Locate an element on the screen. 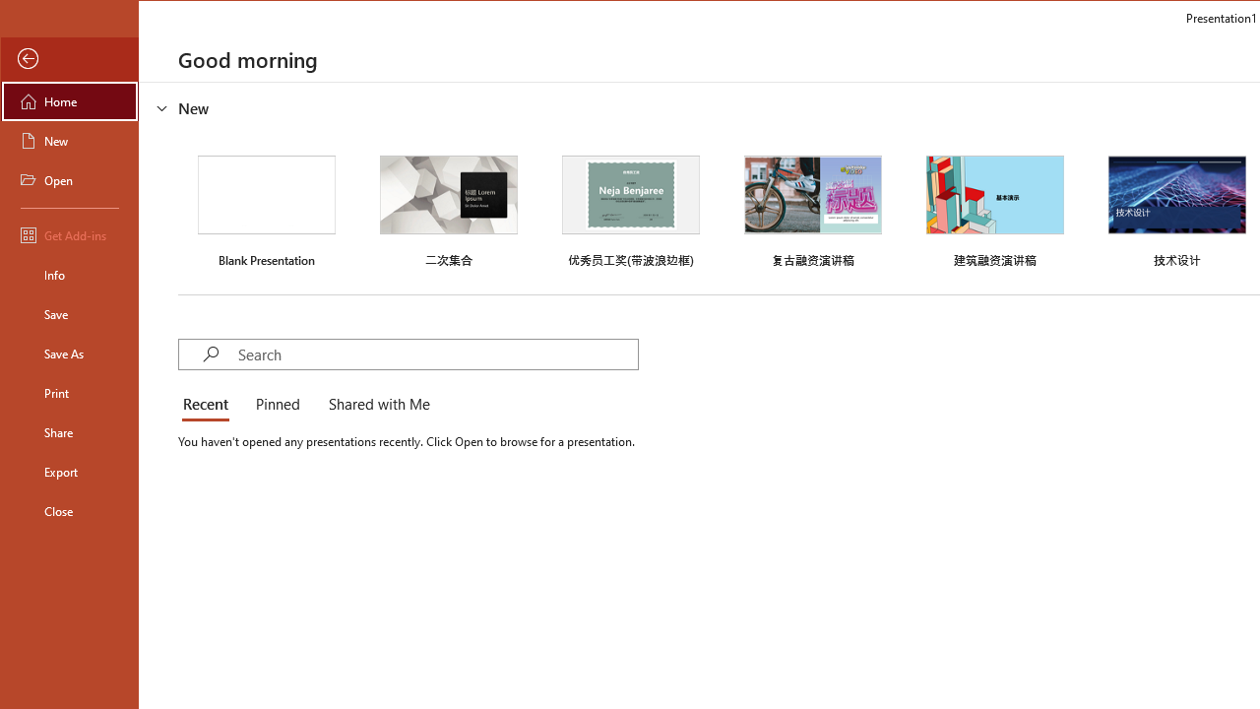 This screenshot has width=1260, height=709. 'New' is located at coordinates (70, 139).